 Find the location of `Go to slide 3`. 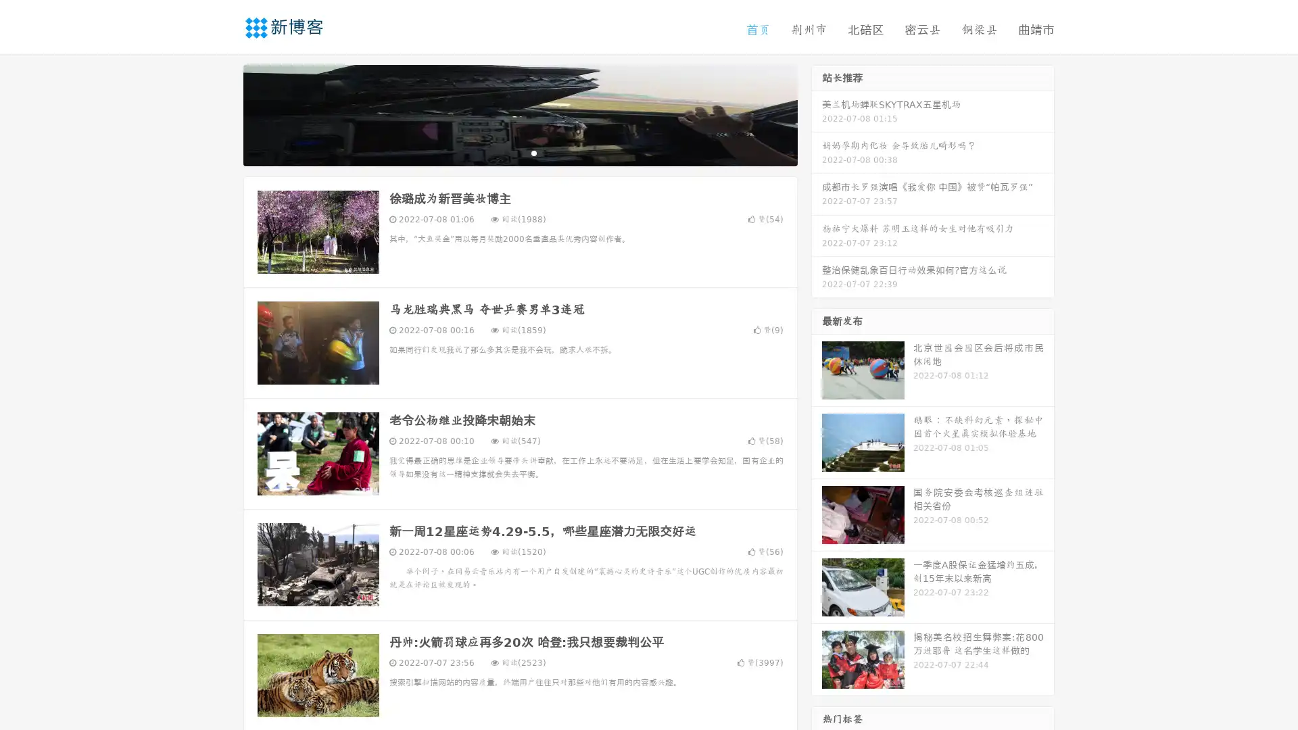

Go to slide 3 is located at coordinates (533, 152).